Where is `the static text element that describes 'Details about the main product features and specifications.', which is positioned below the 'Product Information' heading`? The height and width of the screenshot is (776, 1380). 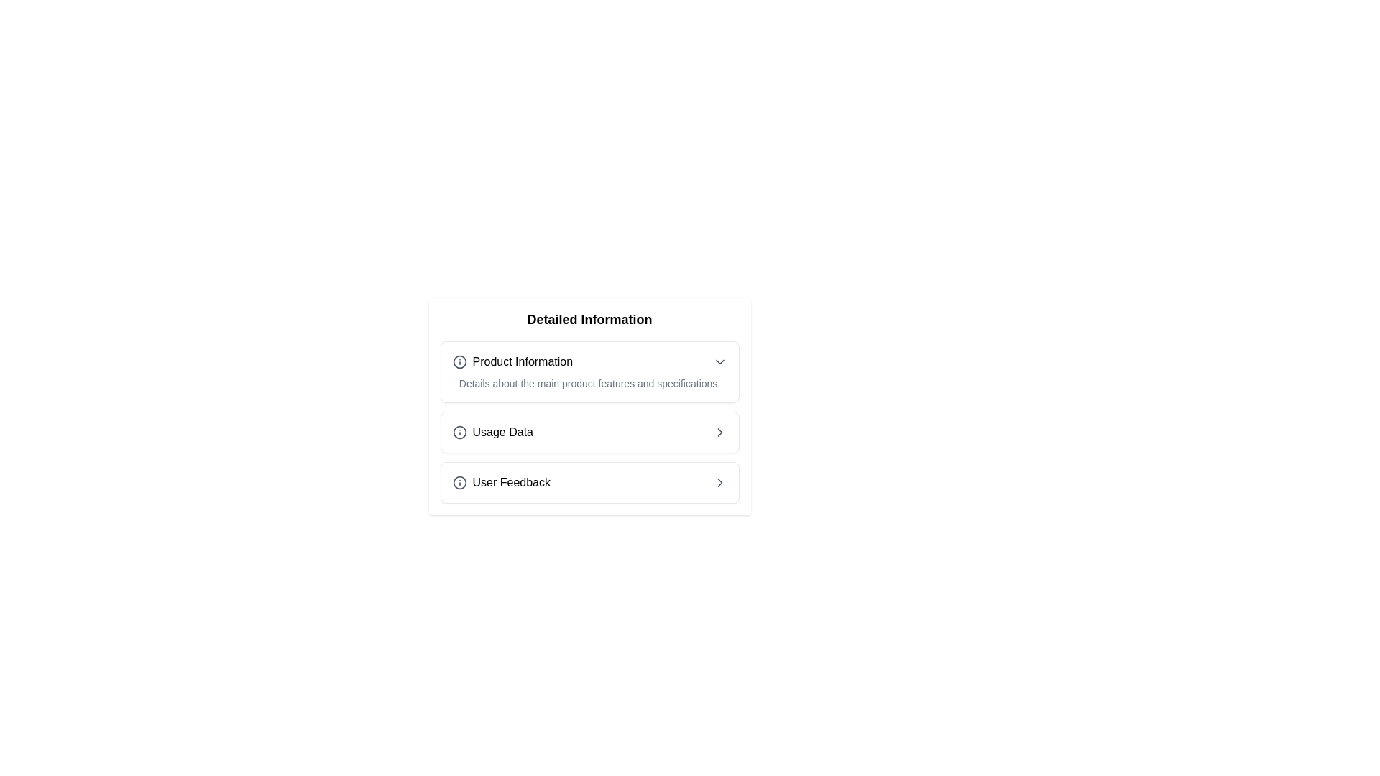
the static text element that describes 'Details about the main product features and specifications.', which is positioned below the 'Product Information' heading is located at coordinates (589, 382).